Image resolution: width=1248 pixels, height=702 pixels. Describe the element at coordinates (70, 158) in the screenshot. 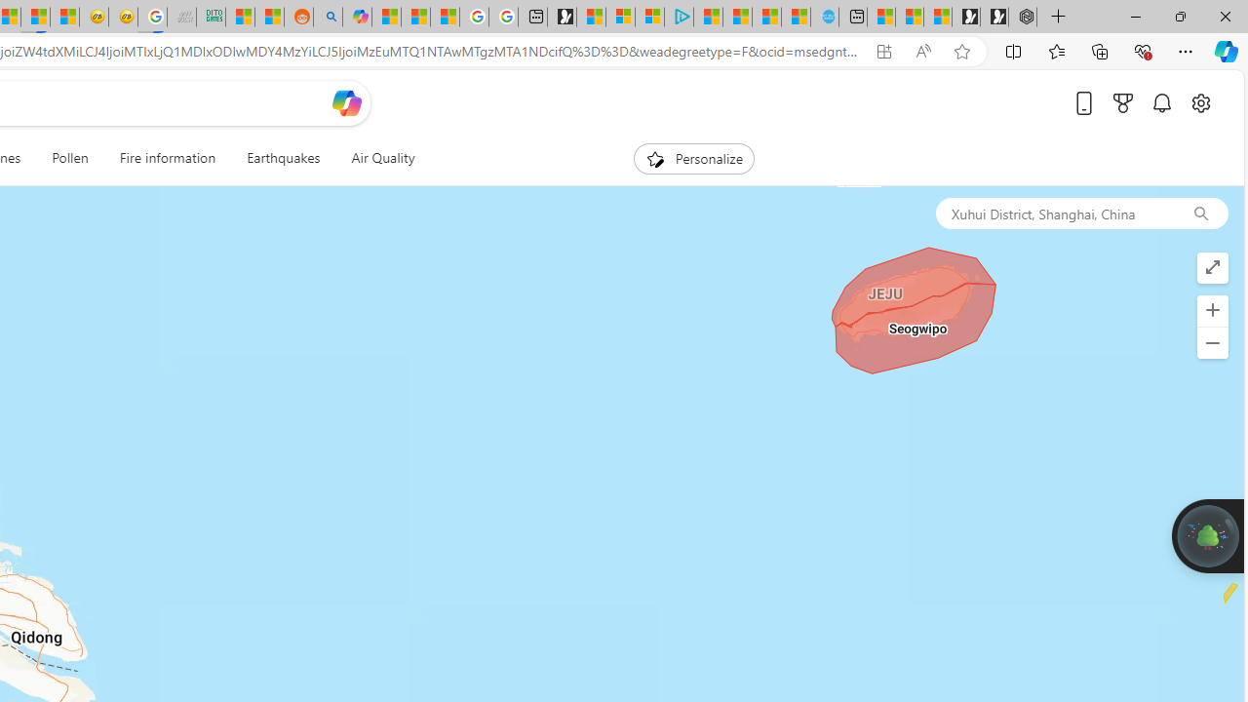

I see `'Pollen'` at that location.